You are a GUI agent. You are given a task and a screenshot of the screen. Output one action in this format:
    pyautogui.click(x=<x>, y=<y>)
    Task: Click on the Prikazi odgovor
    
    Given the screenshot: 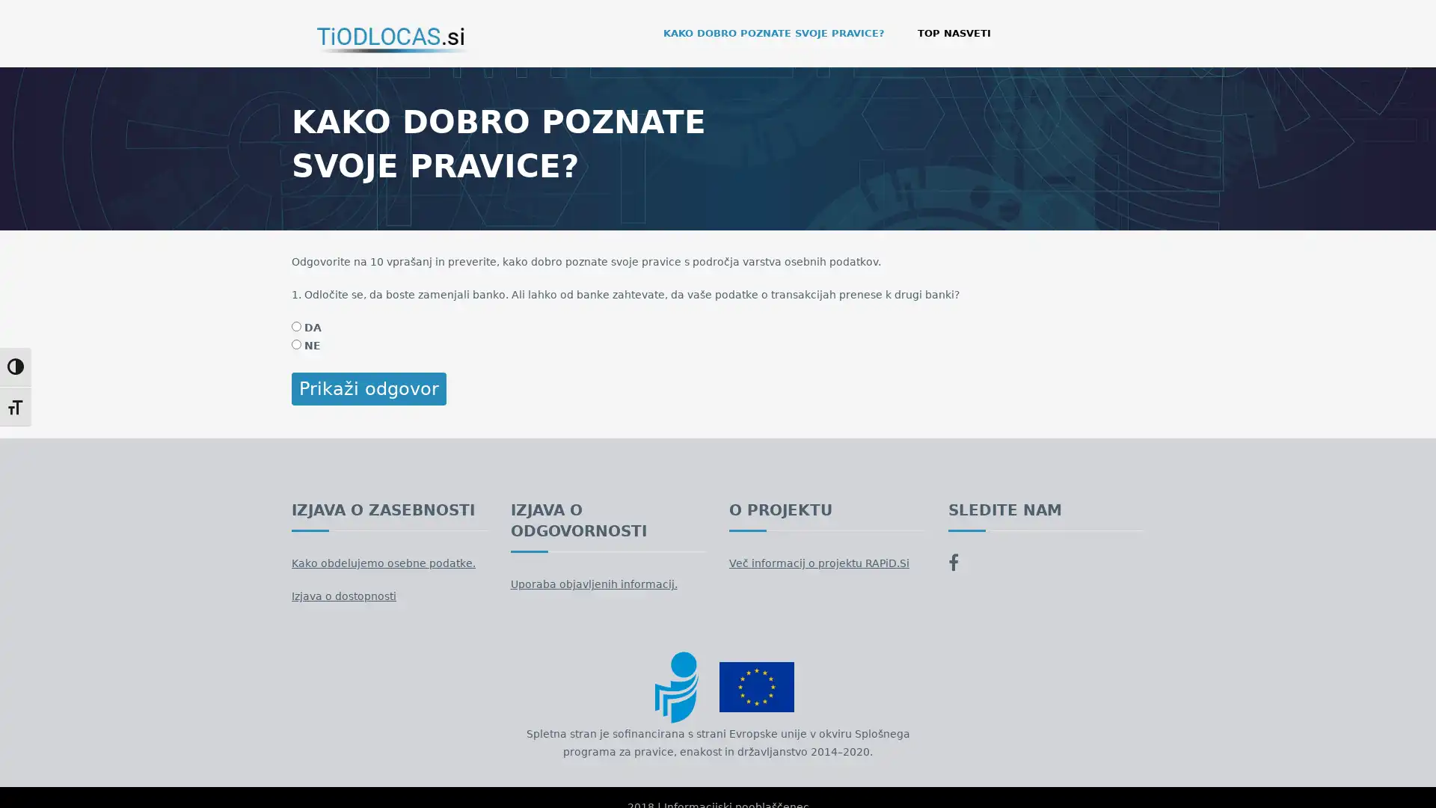 What is the action you would take?
    pyautogui.click(x=369, y=388)
    